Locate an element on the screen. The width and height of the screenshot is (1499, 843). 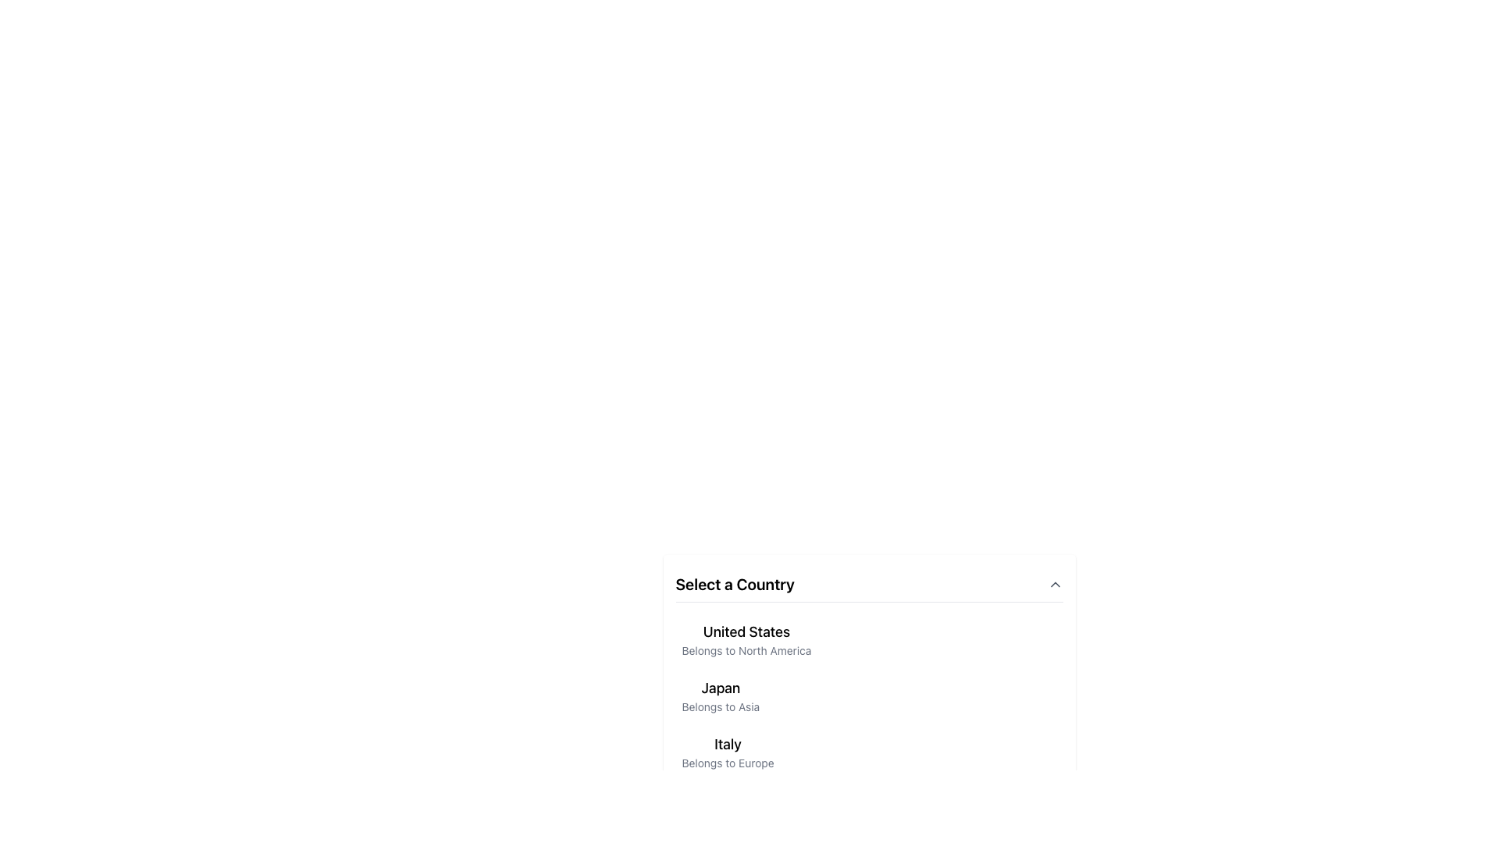
the second item in the dropdown menu labeled 'Select a Country' is located at coordinates (868, 674).